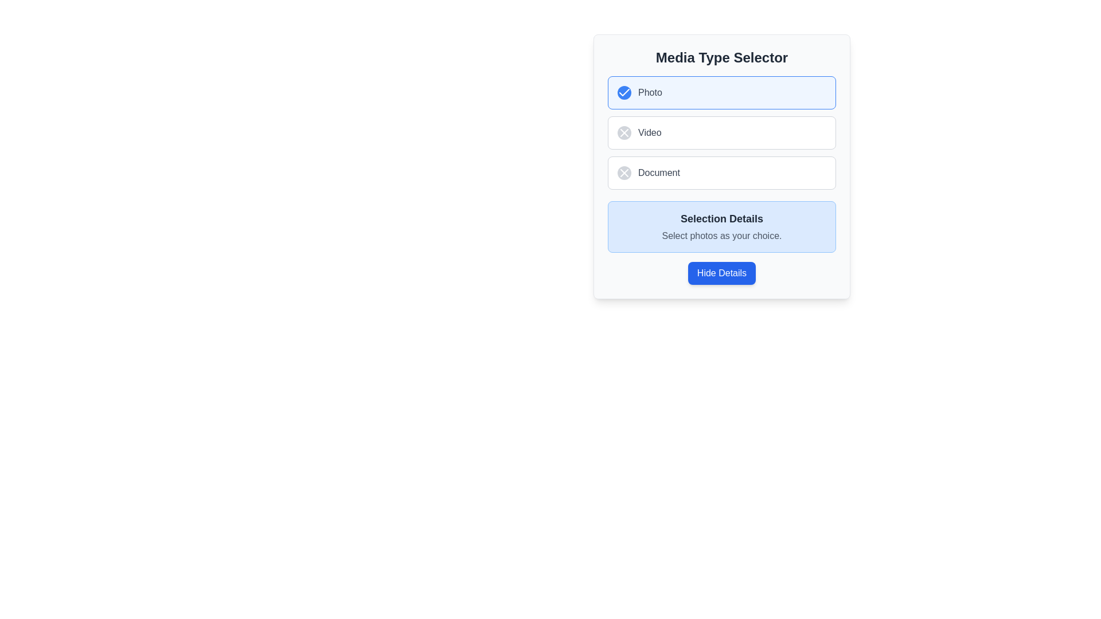 The image size is (1101, 619). What do you see at coordinates (624, 132) in the screenshot?
I see `the circular icon with a light gray background and a white 'X' in the center, located at the leftmost side of the 'Video' option` at bounding box center [624, 132].